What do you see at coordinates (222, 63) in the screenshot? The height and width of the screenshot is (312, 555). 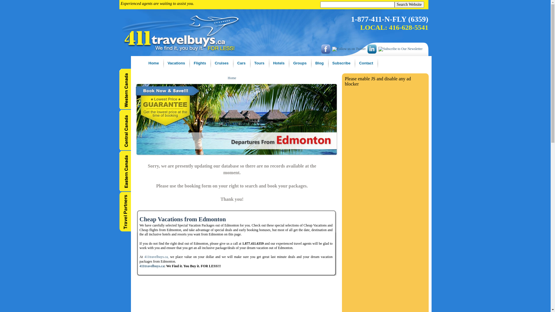 I see `'Cruises'` at bounding box center [222, 63].